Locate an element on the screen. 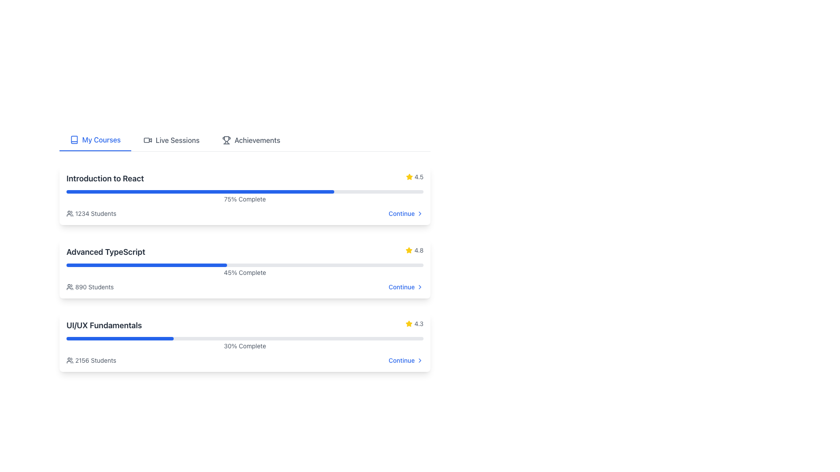  the right-pointing chevron icon button located at the rightmost edge of the 'Continue' text in the 'Introduction to React' section for accessibility is located at coordinates (420, 214).